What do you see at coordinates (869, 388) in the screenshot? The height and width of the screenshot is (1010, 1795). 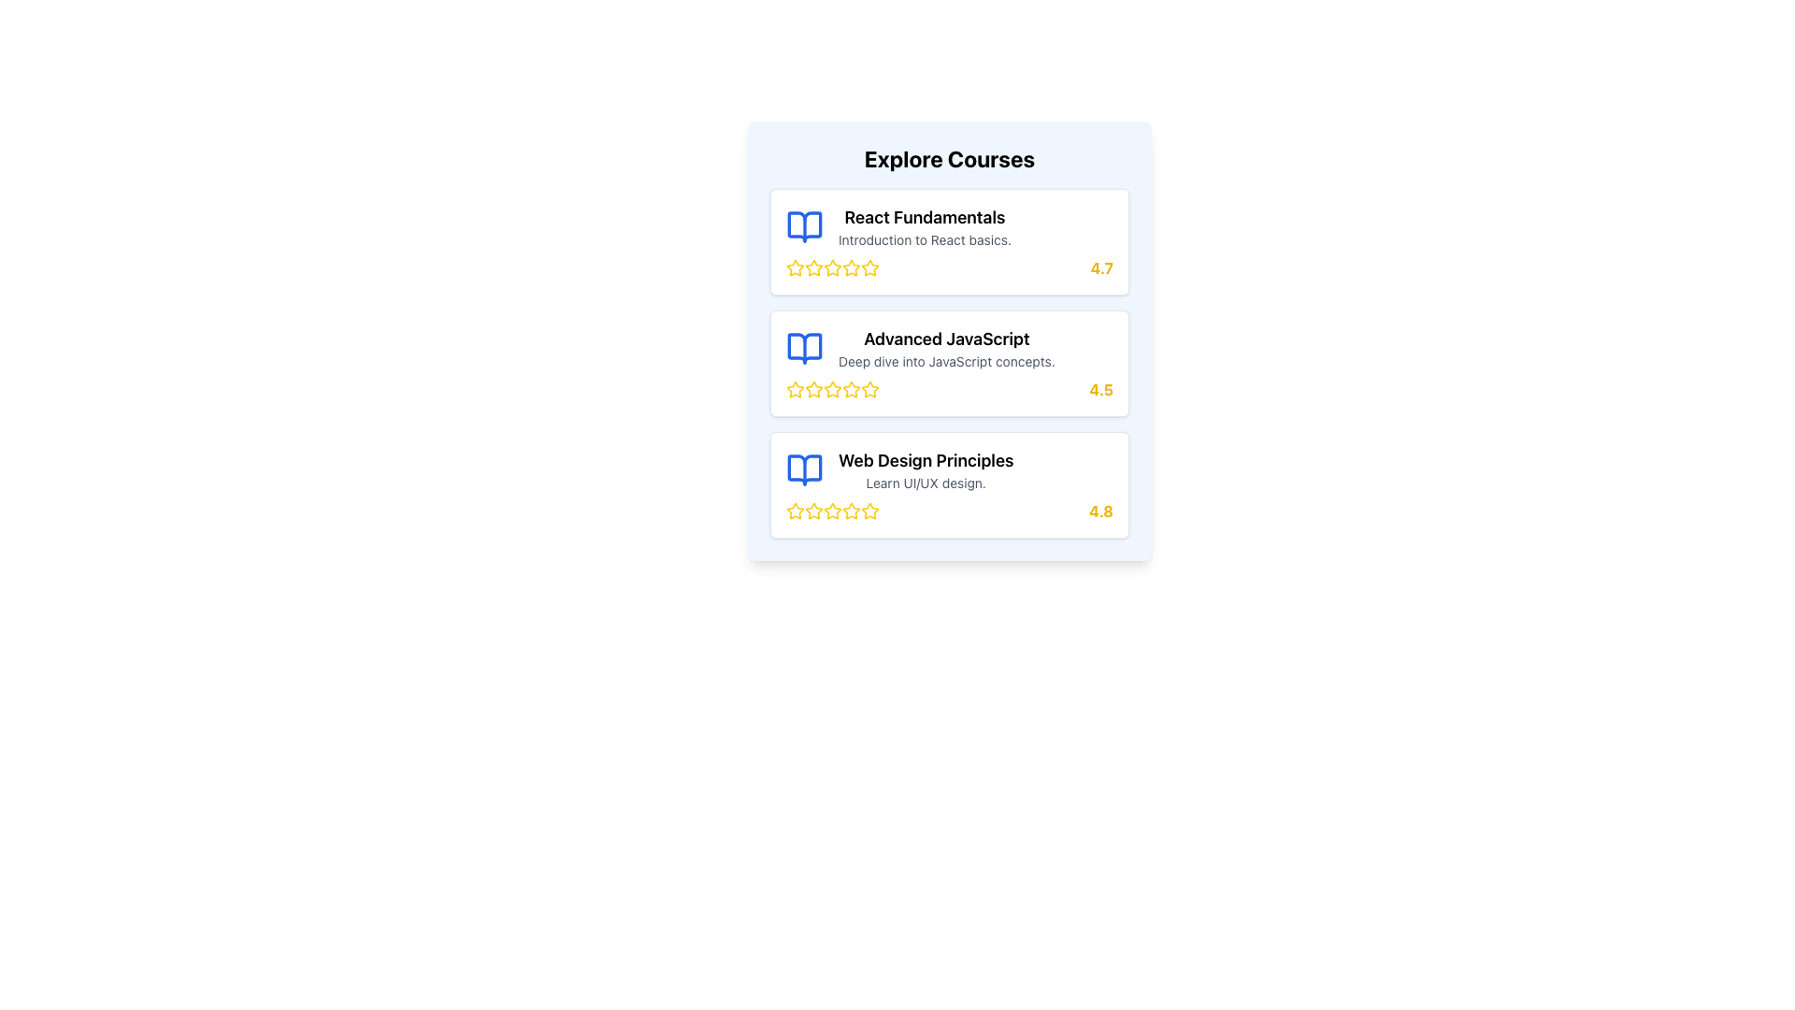 I see `the yellow star icon with a hollow center, which is the third star from the left in the rating stars for the 'Advanced JavaScript' course, to interact with it` at bounding box center [869, 388].